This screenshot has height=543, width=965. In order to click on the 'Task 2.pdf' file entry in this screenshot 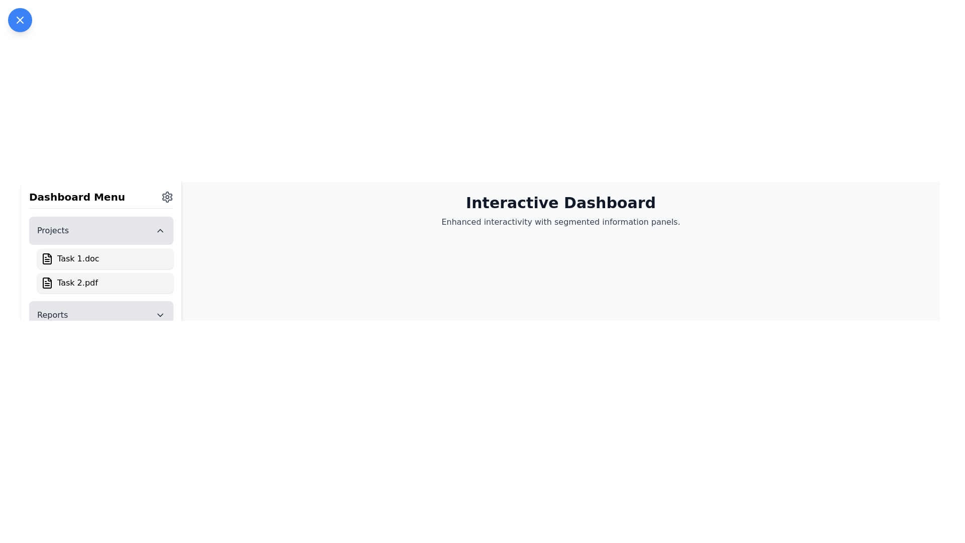, I will do `click(105, 283)`.